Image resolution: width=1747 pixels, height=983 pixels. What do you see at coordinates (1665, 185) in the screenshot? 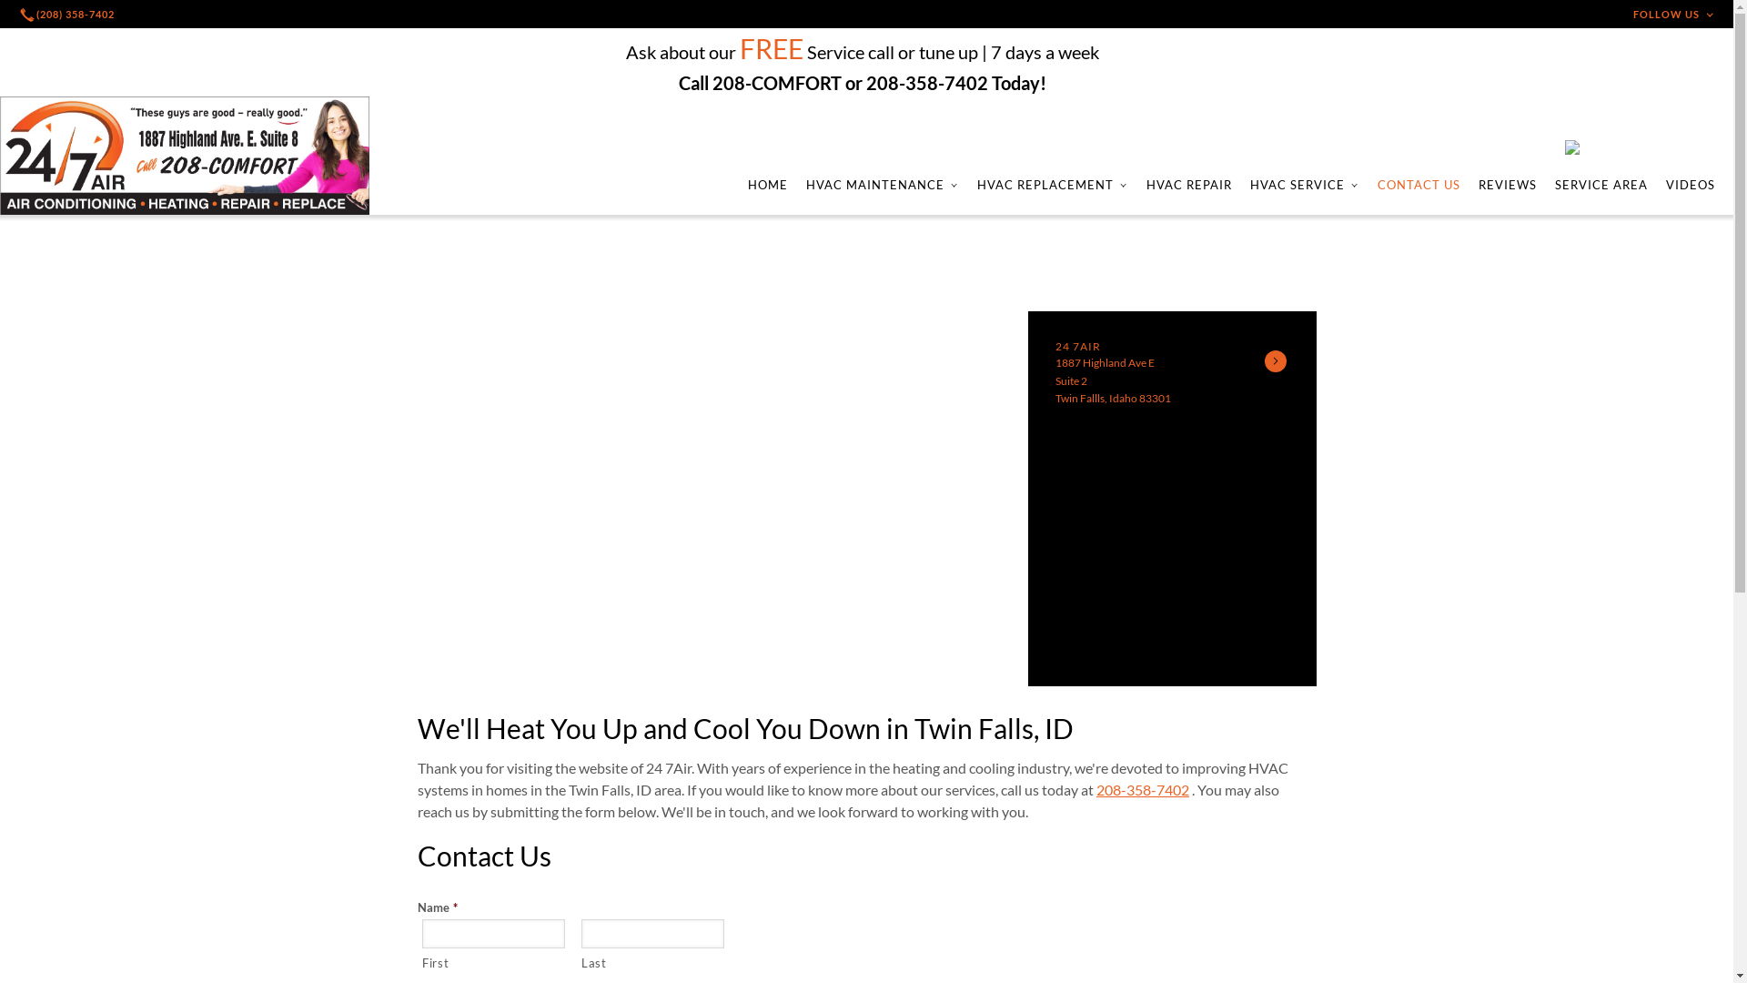
I see `'VIDEOS'` at bounding box center [1665, 185].